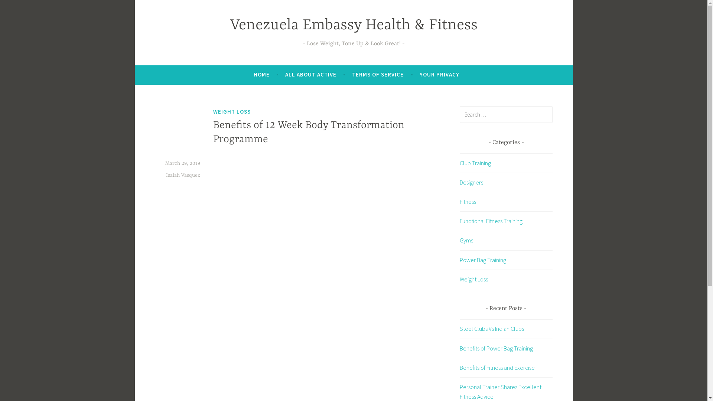 Image resolution: width=713 pixels, height=401 pixels. What do you see at coordinates (467, 202) in the screenshot?
I see `'Fitness'` at bounding box center [467, 202].